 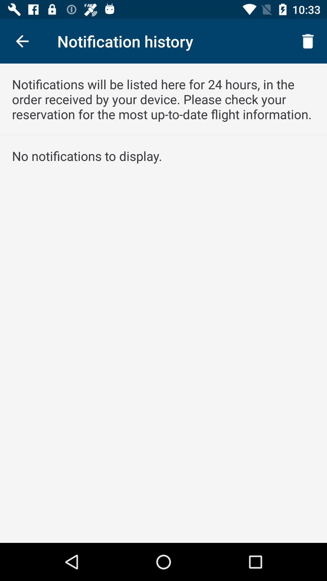 What do you see at coordinates (22, 41) in the screenshot?
I see `the item next to notification history icon` at bounding box center [22, 41].